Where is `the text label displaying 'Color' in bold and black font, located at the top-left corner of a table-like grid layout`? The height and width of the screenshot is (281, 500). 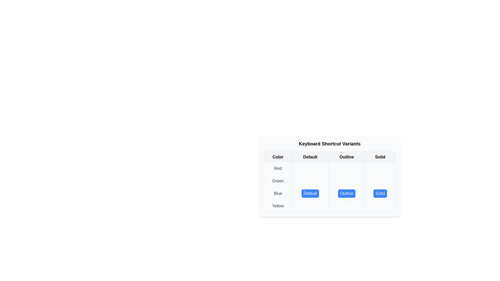
the text label displaying 'Color' in bold and black font, located at the top-left corner of a table-like grid layout is located at coordinates (278, 157).